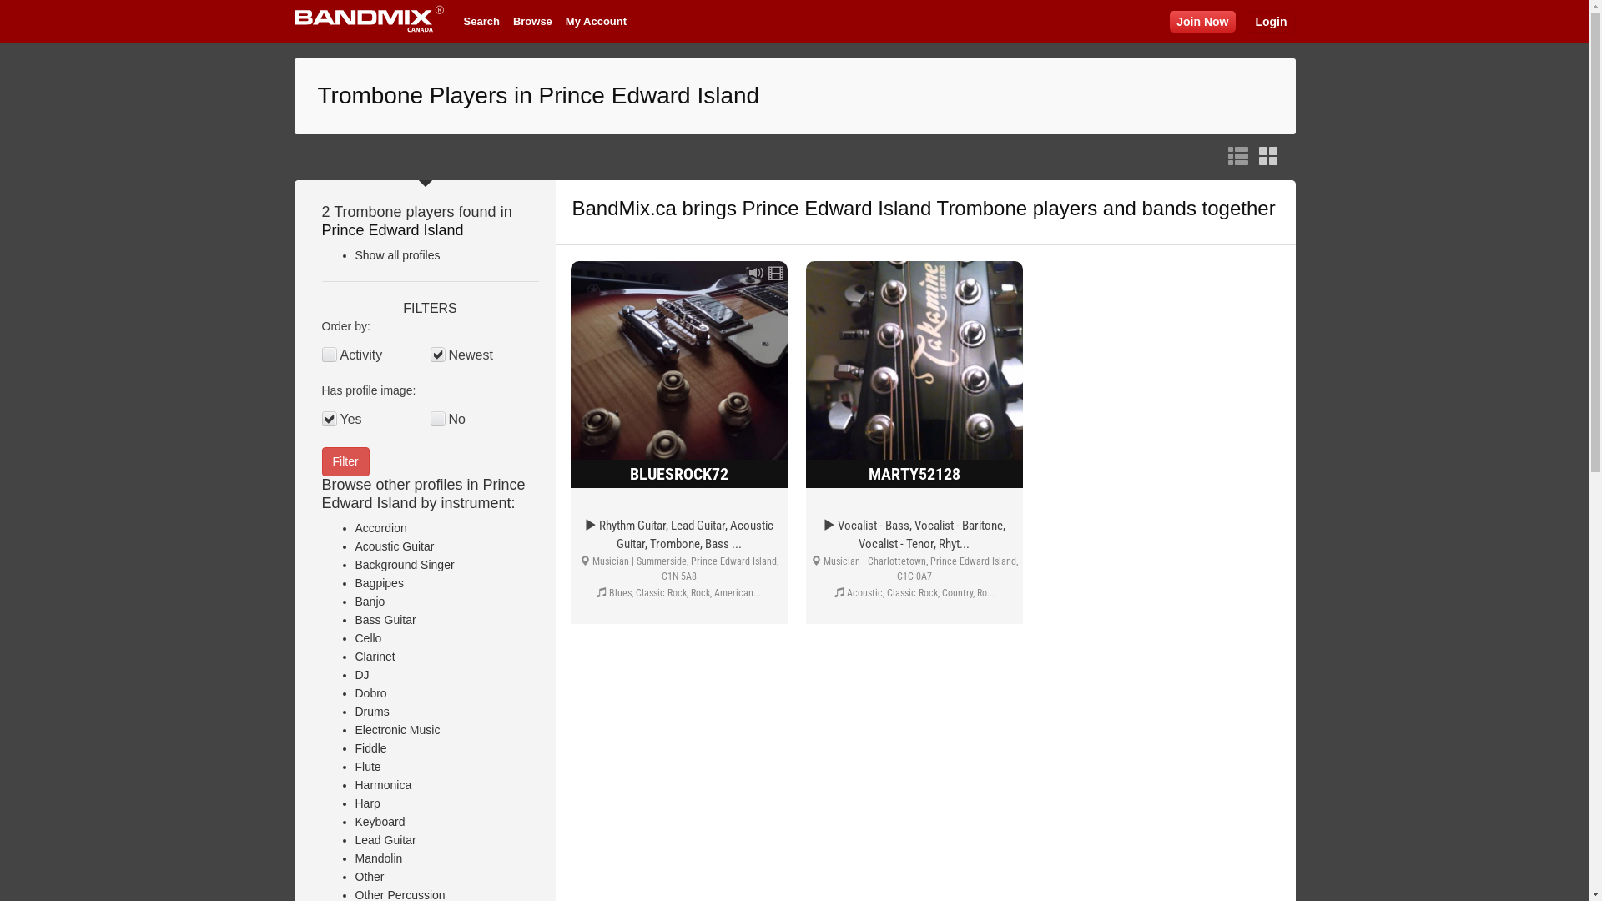 The height and width of the screenshot is (901, 1602). What do you see at coordinates (1269, 22) in the screenshot?
I see `'Login'` at bounding box center [1269, 22].